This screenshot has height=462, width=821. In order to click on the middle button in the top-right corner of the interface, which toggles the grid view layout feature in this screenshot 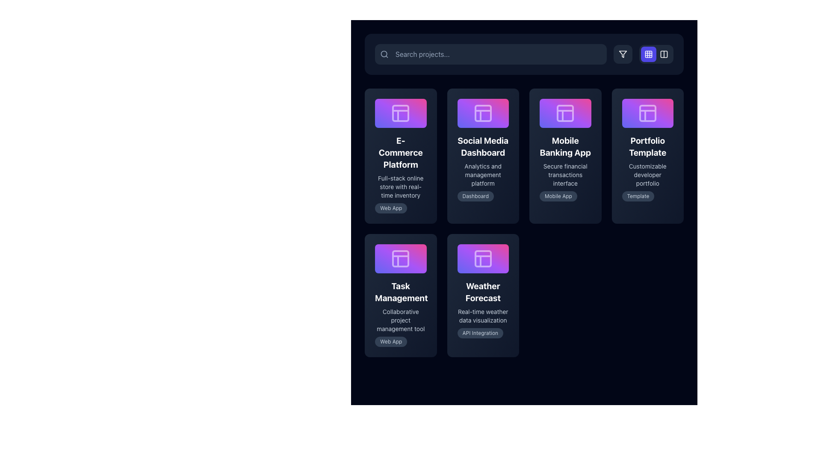, I will do `click(644, 54)`.